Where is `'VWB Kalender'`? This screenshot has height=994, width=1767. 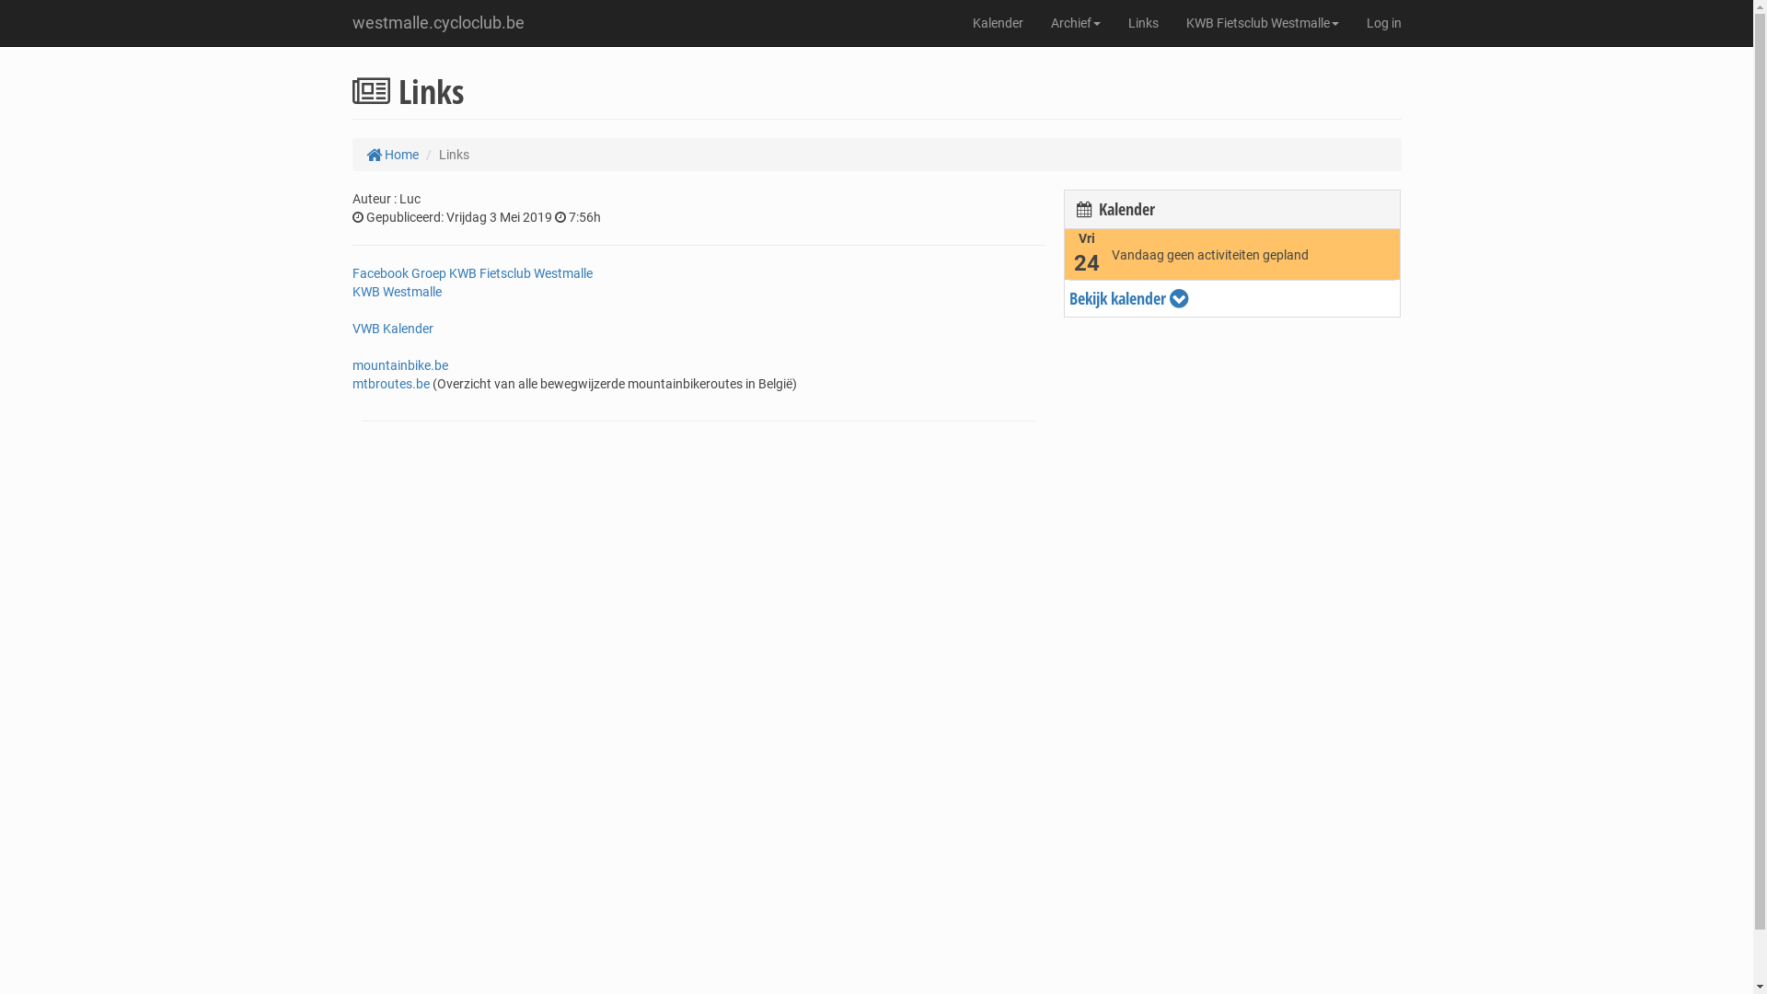 'VWB Kalender' is located at coordinates (391, 328).